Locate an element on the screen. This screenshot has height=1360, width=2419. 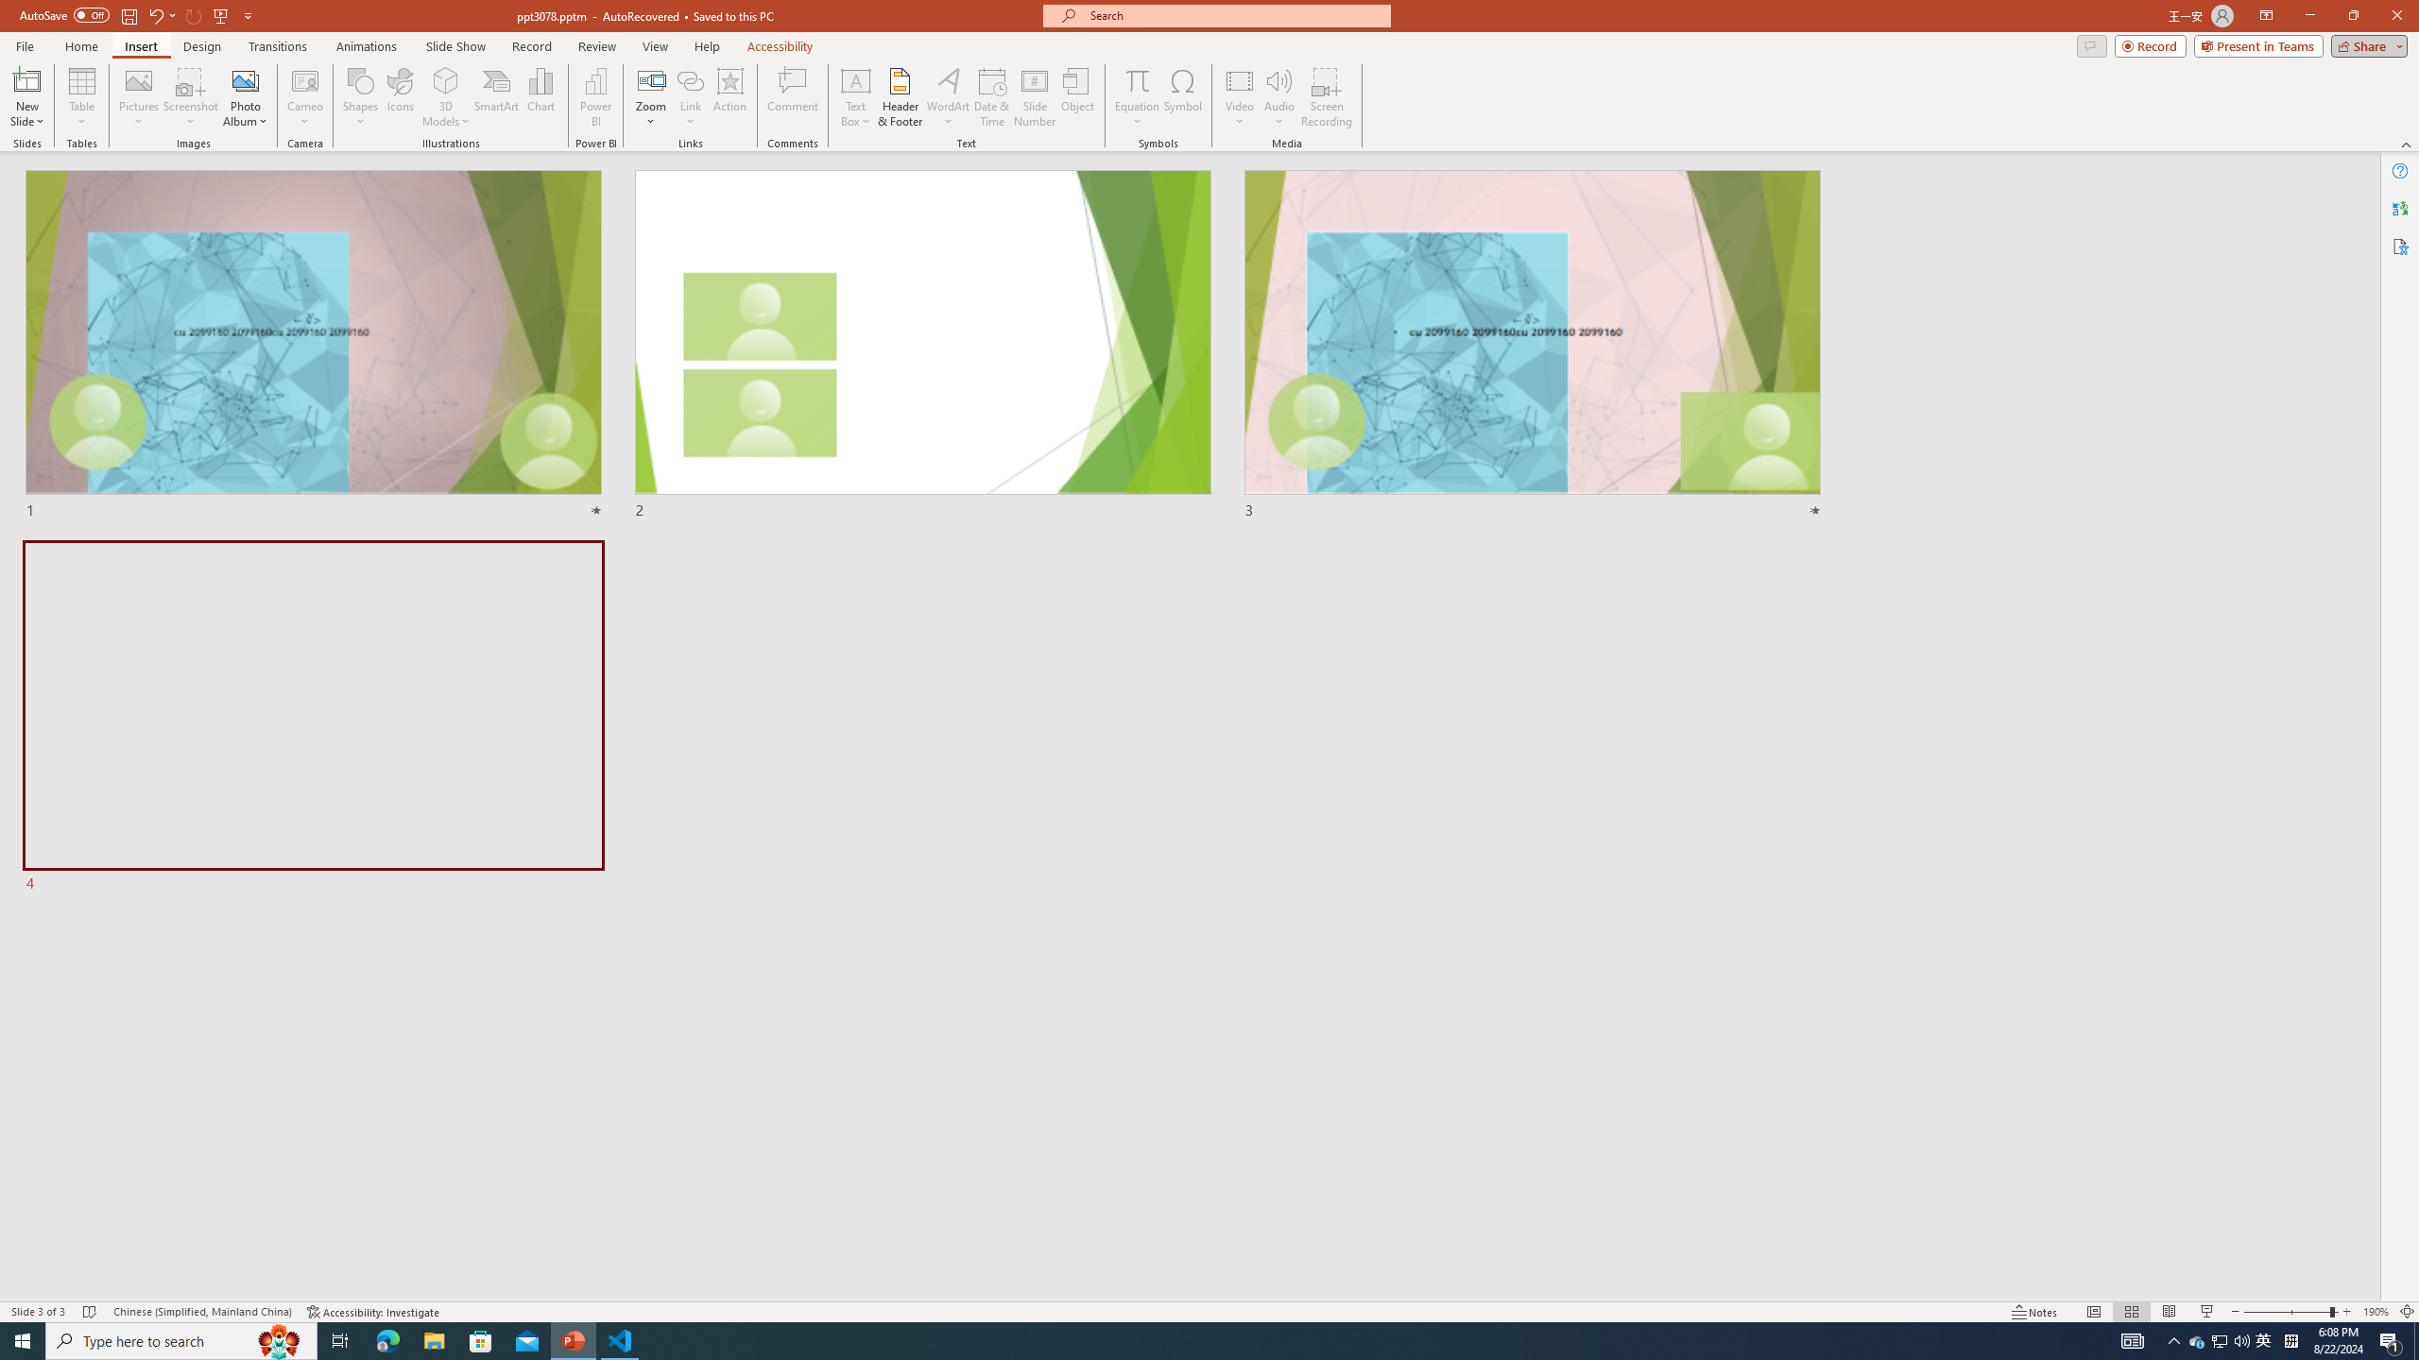
'Notes ' is located at coordinates (2034, 1312).